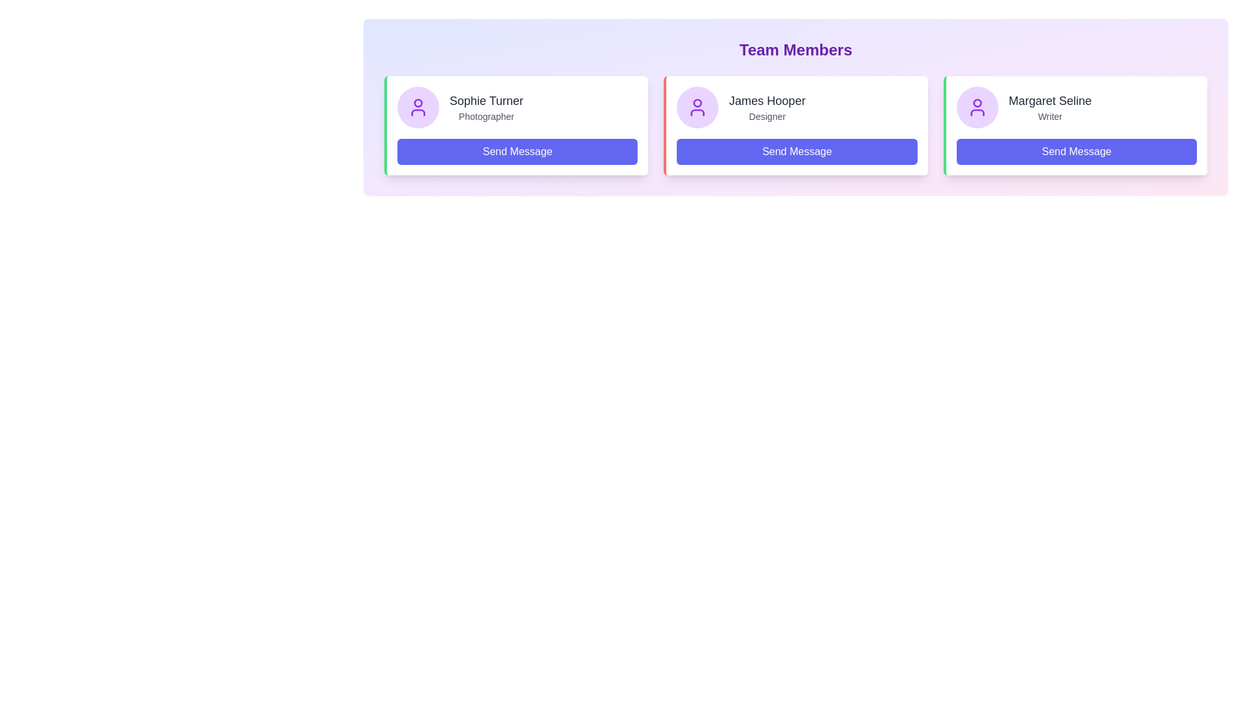  I want to click on the text label displaying the name 'Margaret Seline' located in the upper-right card of the 'Team Members' section, so click(1050, 100).